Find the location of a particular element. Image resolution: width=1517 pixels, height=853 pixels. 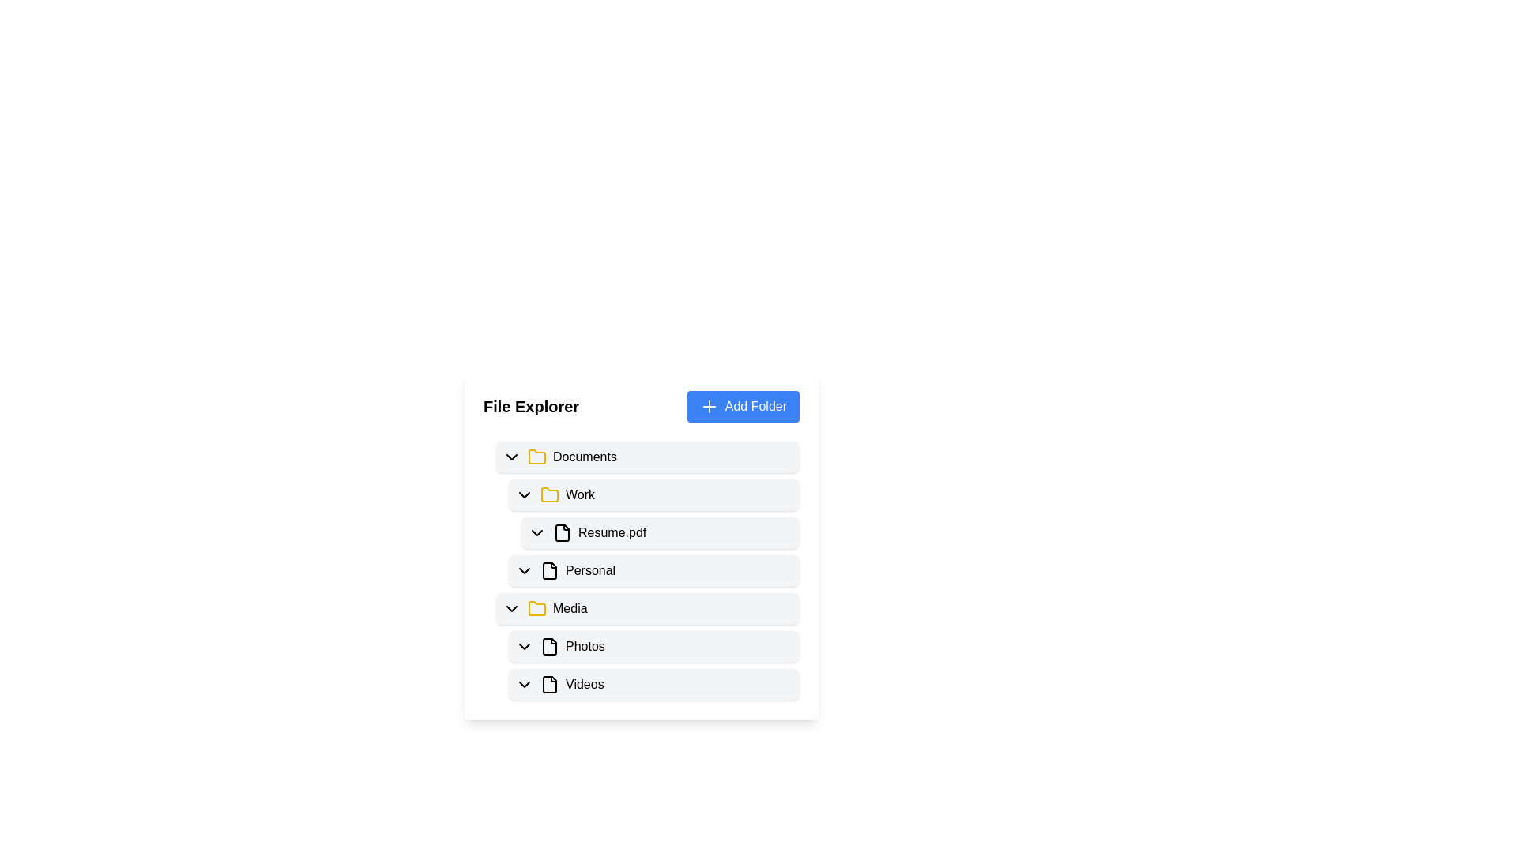

the first folder icon is located at coordinates (550, 493).